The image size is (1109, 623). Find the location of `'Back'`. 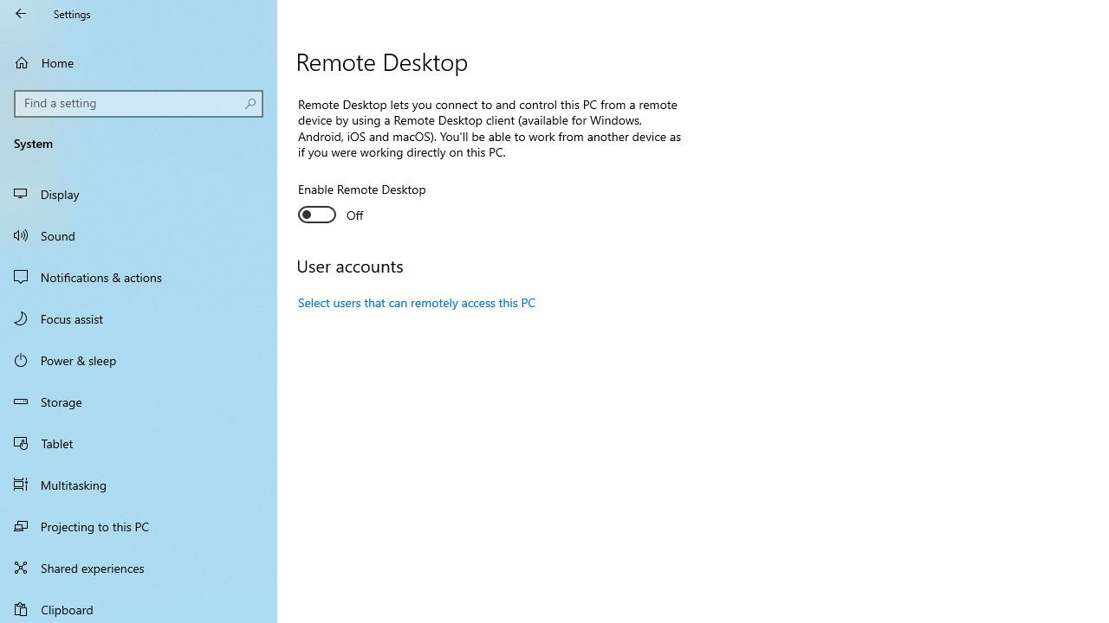

'Back' is located at coordinates (21, 13).